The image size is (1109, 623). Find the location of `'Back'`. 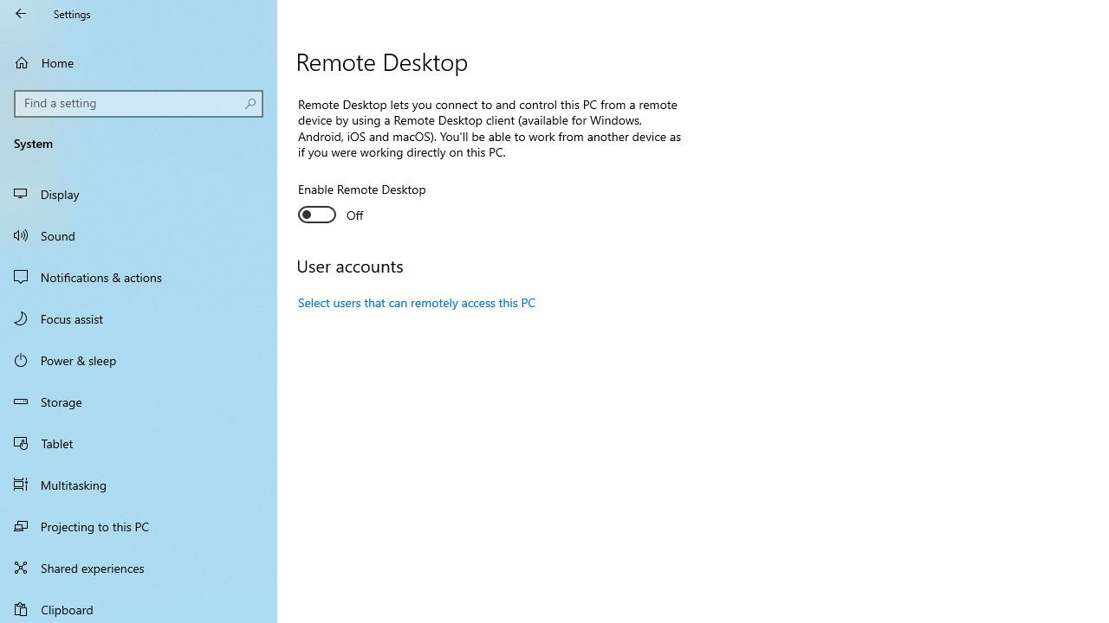

'Back' is located at coordinates (21, 13).